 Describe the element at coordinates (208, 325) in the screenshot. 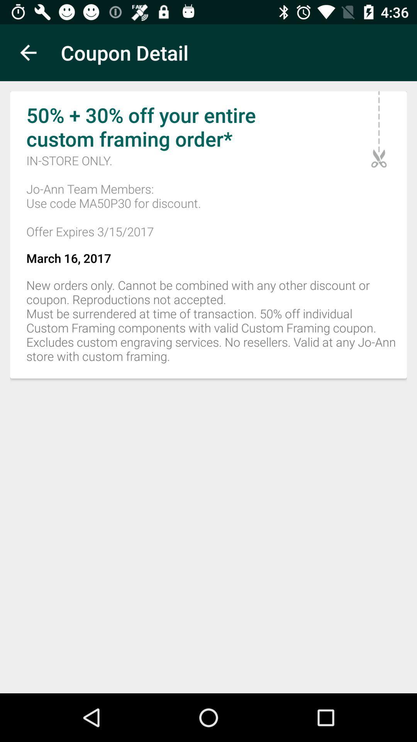

I see `new orders only` at that location.